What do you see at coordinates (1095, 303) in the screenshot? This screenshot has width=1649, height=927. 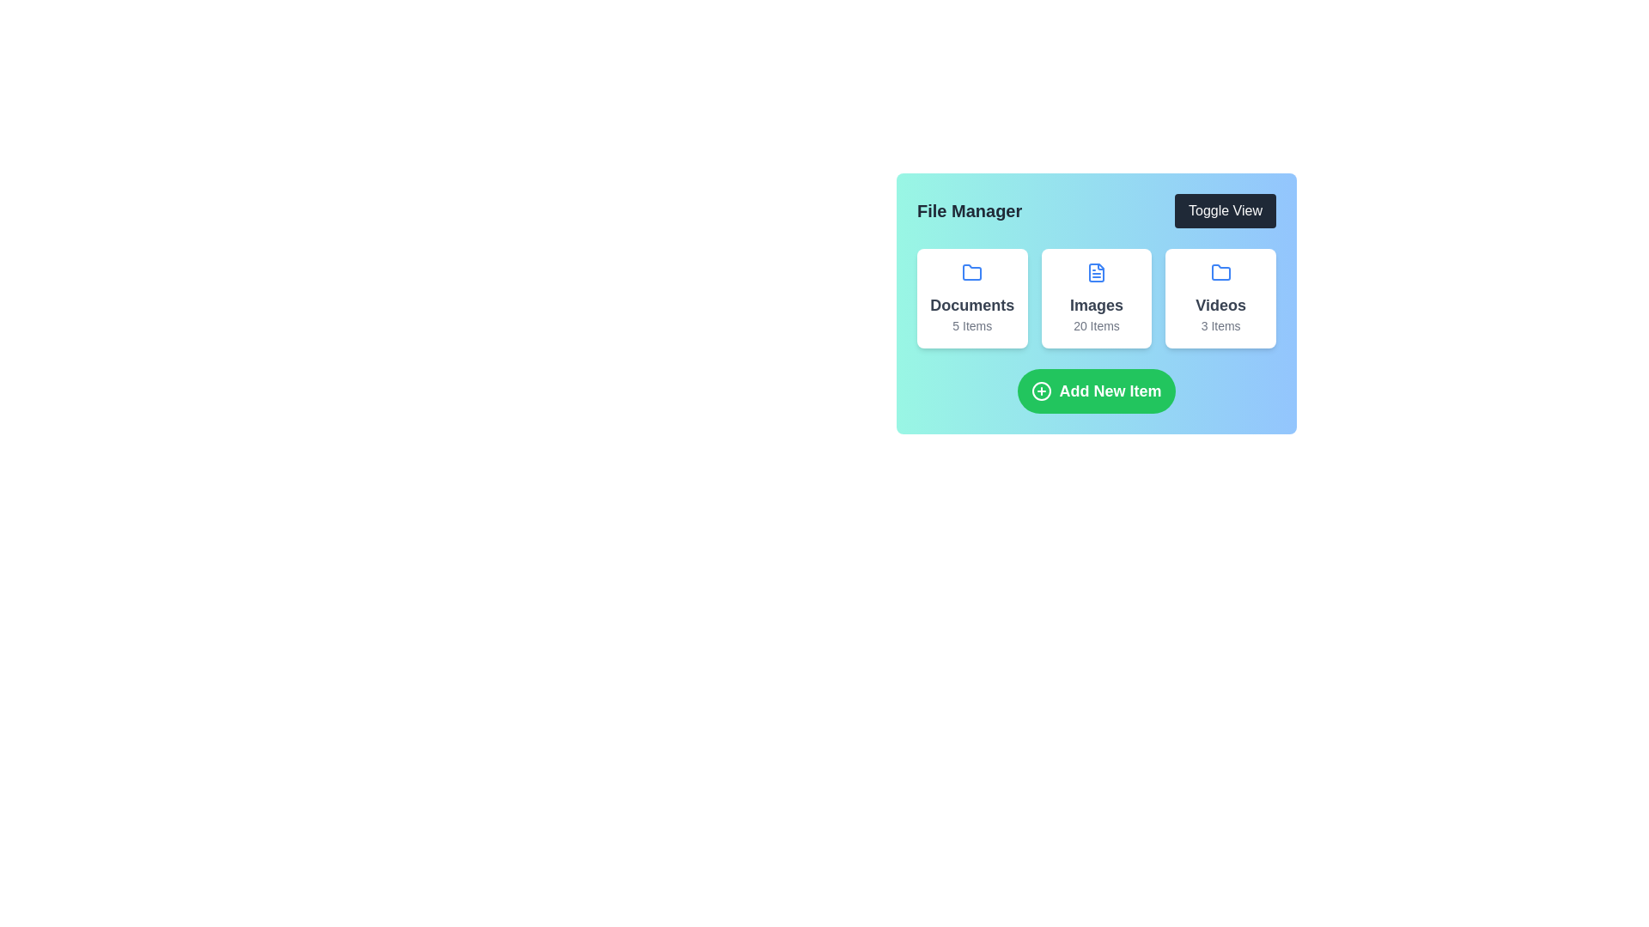 I see `the category panels within the dashboard interface of the file manager` at bounding box center [1095, 303].